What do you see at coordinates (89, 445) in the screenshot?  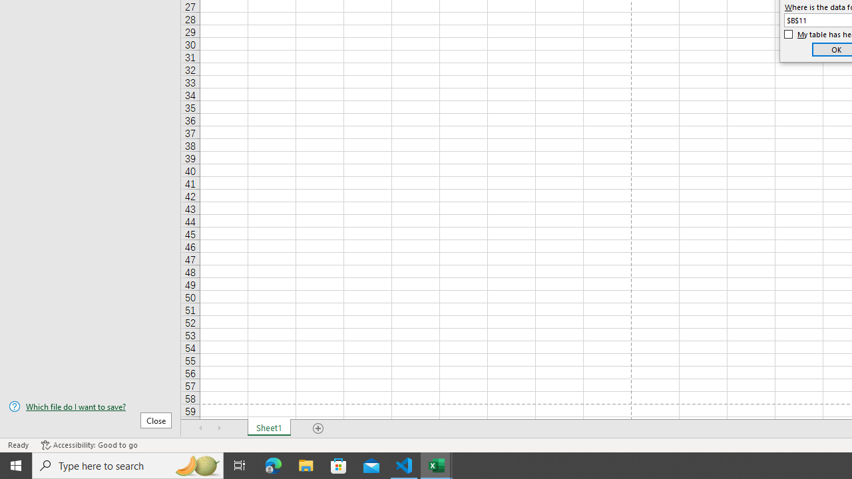 I see `'Accessibility Checker Accessibility: Good to go'` at bounding box center [89, 445].